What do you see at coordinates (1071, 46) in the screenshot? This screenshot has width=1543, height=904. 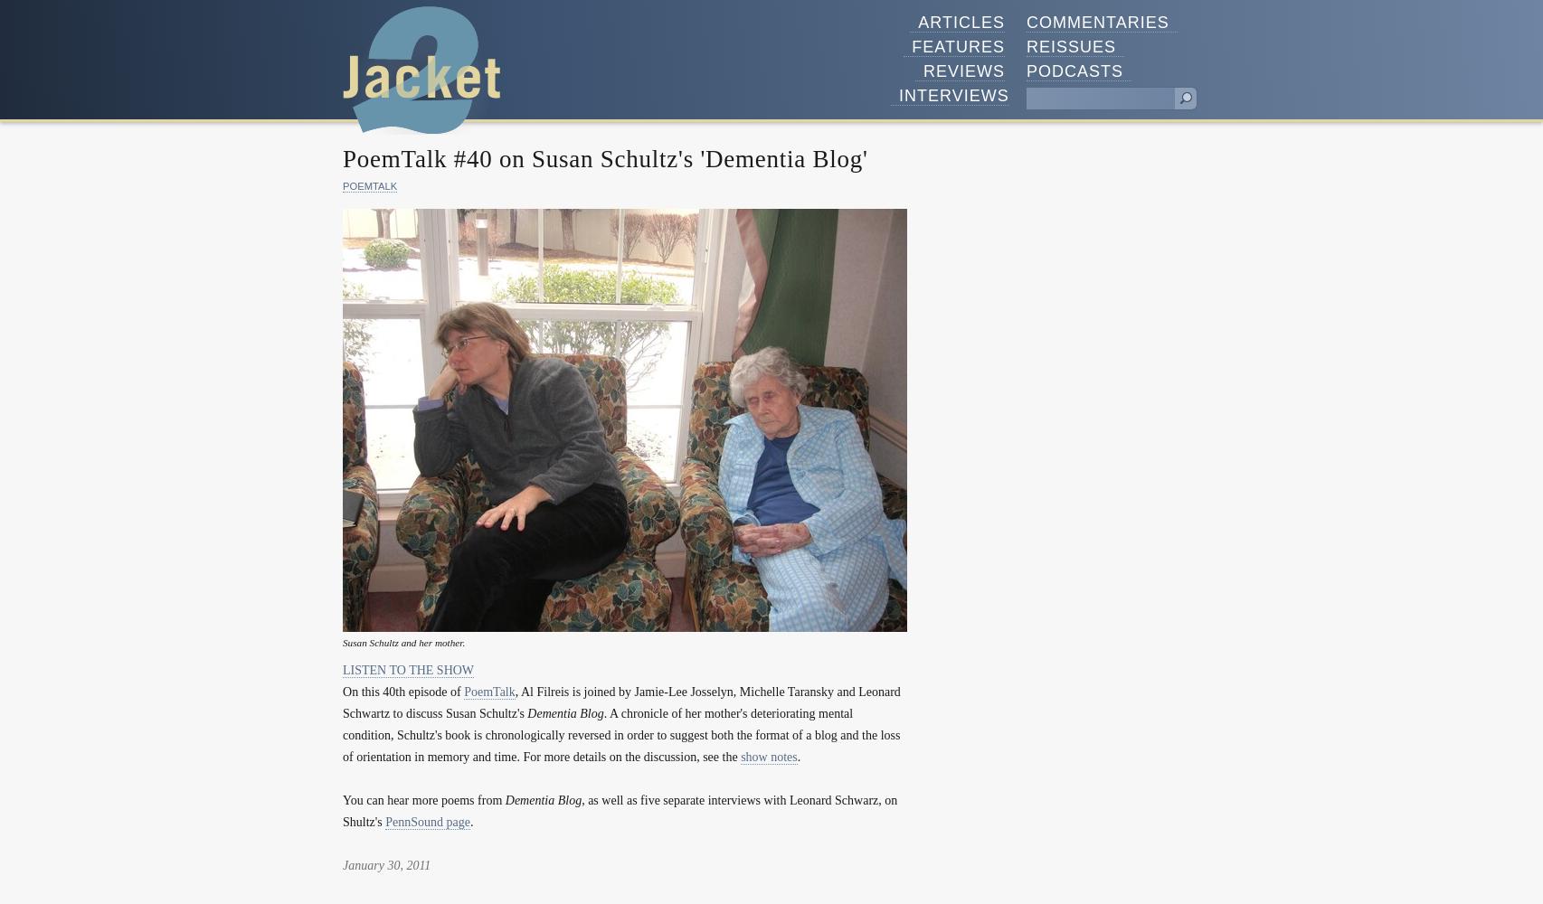 I see `'Reissues'` at bounding box center [1071, 46].